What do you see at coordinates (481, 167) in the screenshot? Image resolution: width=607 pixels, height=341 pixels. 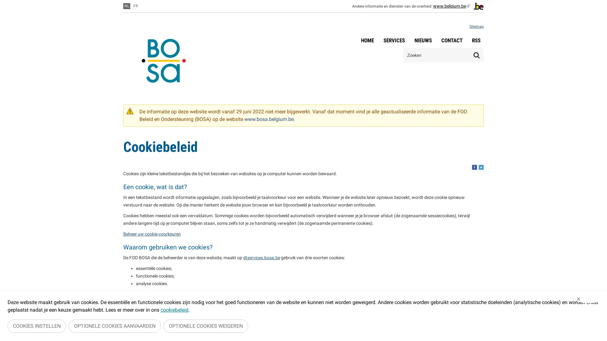 I see `Share this, twitter. This button opens a new window` at bounding box center [481, 167].